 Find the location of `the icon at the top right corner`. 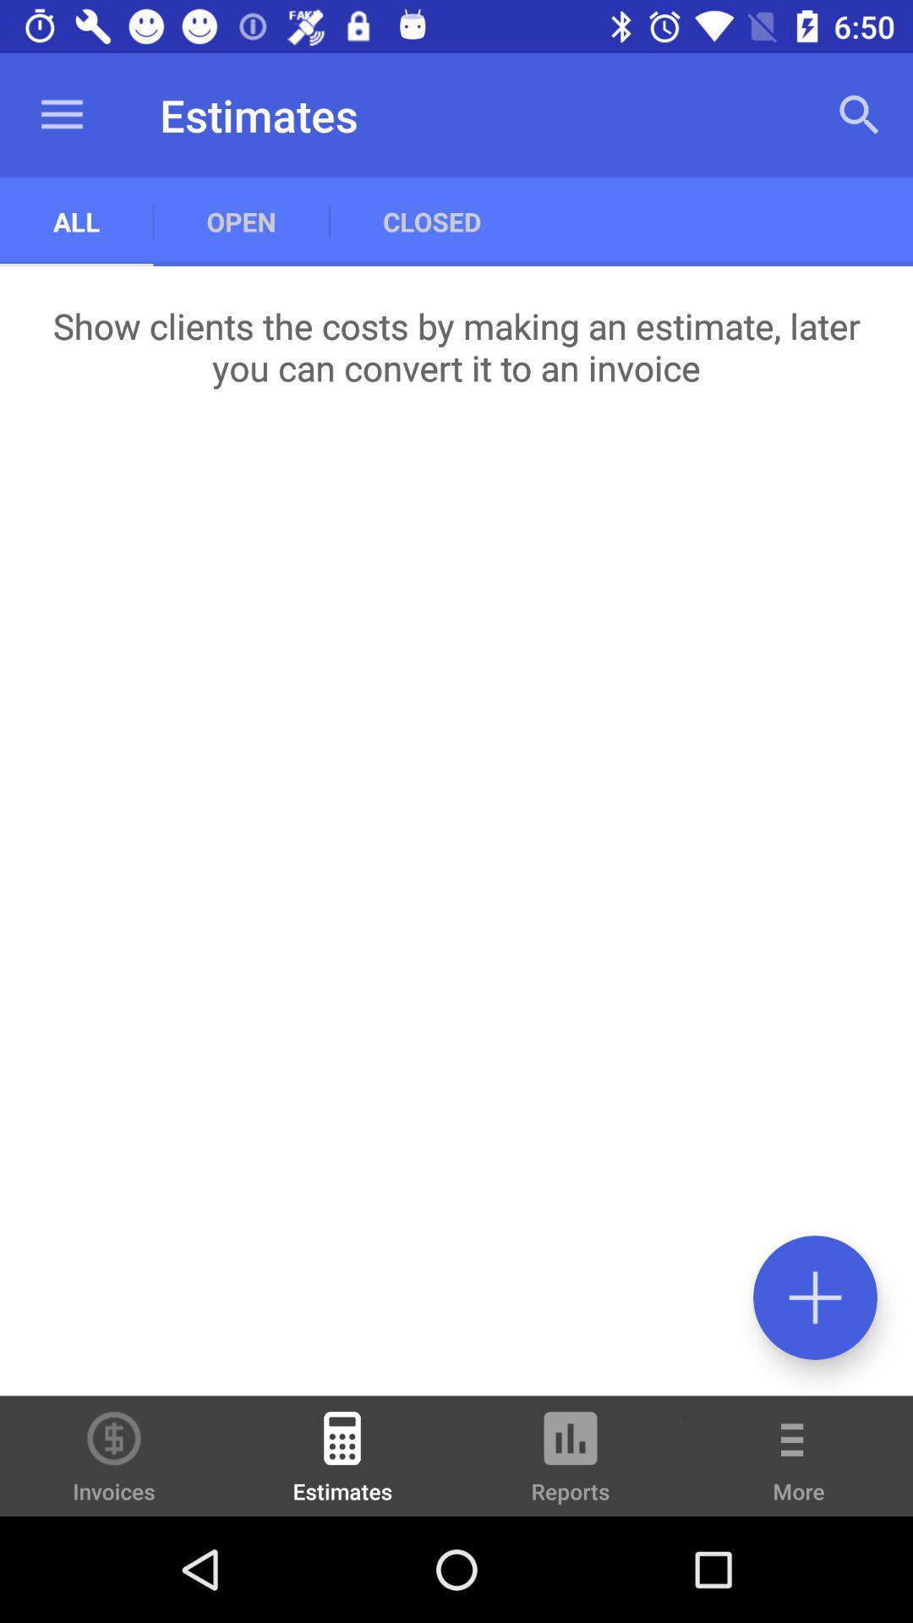

the icon at the top right corner is located at coordinates (860, 114).